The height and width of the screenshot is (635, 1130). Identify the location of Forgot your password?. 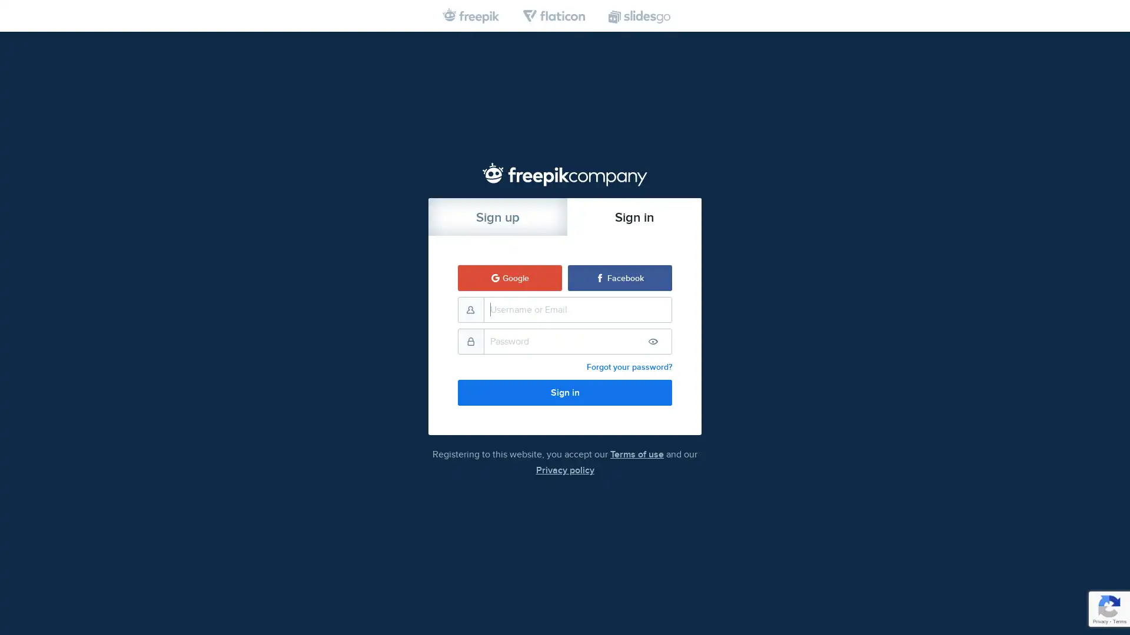
(629, 366).